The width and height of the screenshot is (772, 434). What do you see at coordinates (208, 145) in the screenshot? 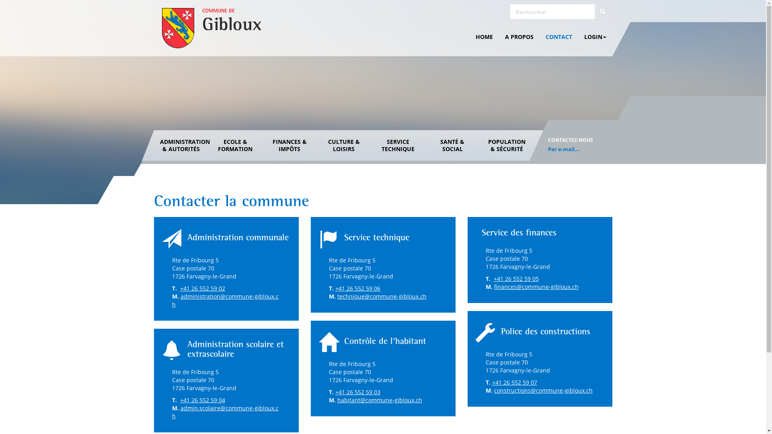
I see `'ECOLE & FORMATION'` at bounding box center [208, 145].